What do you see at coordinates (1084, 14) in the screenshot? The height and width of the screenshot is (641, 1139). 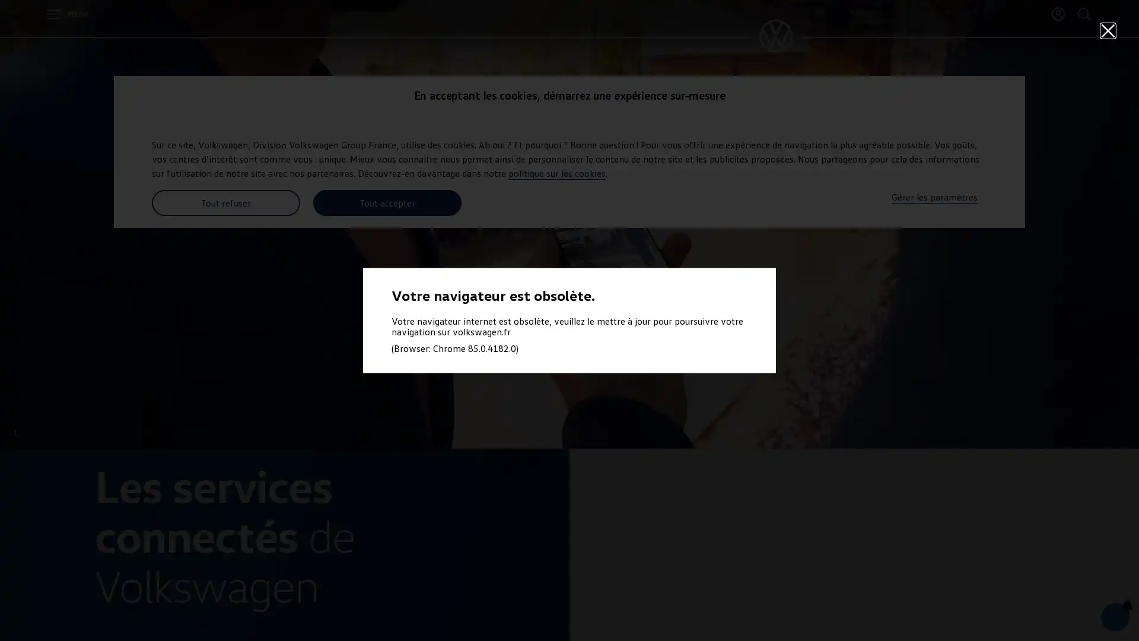 I see `Chercher` at bounding box center [1084, 14].